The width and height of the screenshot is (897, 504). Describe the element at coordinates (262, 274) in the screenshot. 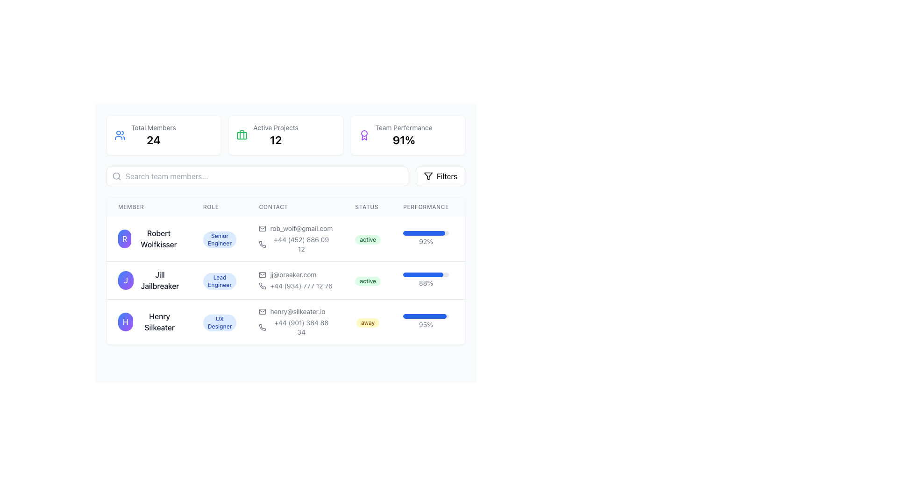

I see `the envelope icon in the contact section of Jill Jailbreaker's row in the user table` at that location.